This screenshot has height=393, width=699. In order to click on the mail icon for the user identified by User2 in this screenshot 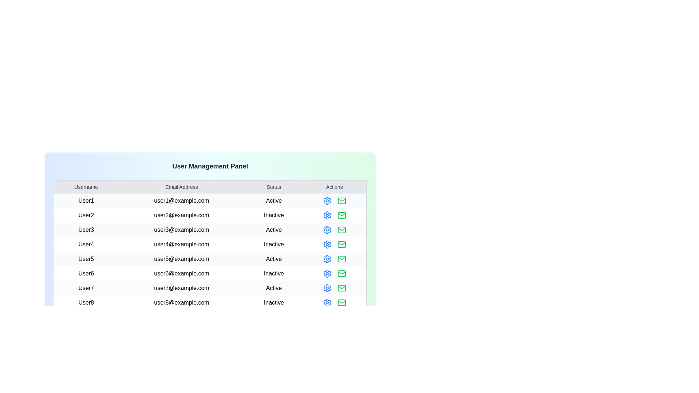, I will do `click(341, 215)`.